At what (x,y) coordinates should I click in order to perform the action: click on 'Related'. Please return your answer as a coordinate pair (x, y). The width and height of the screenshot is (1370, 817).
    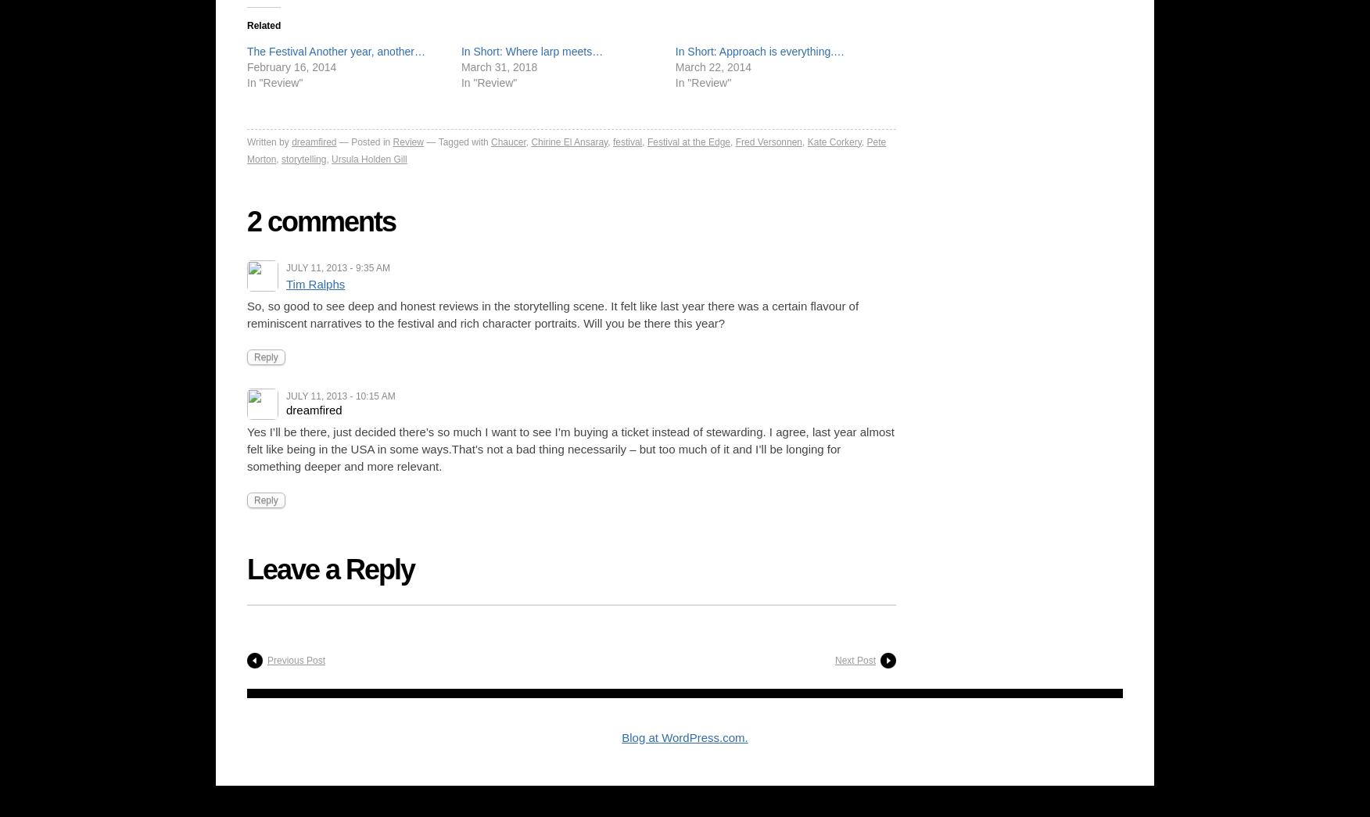
    Looking at the image, I should click on (247, 23).